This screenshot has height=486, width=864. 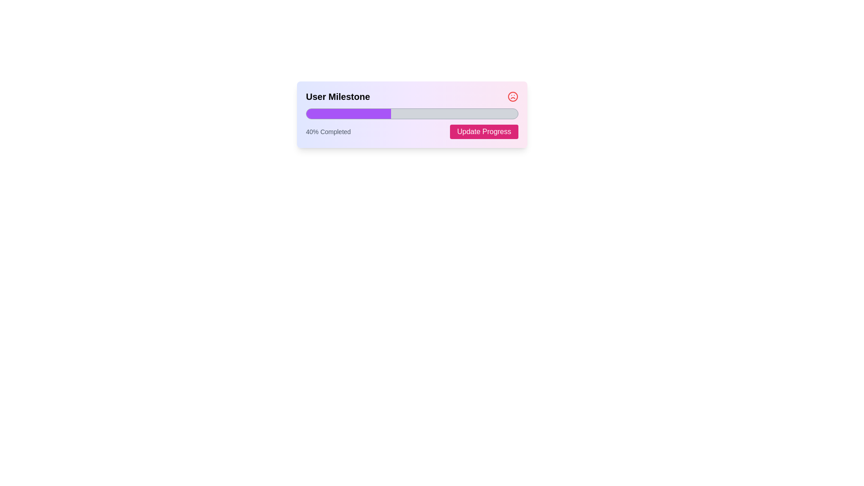 I want to click on the progress bar of the Composite UI element that tracks user milestones, so click(x=412, y=114).